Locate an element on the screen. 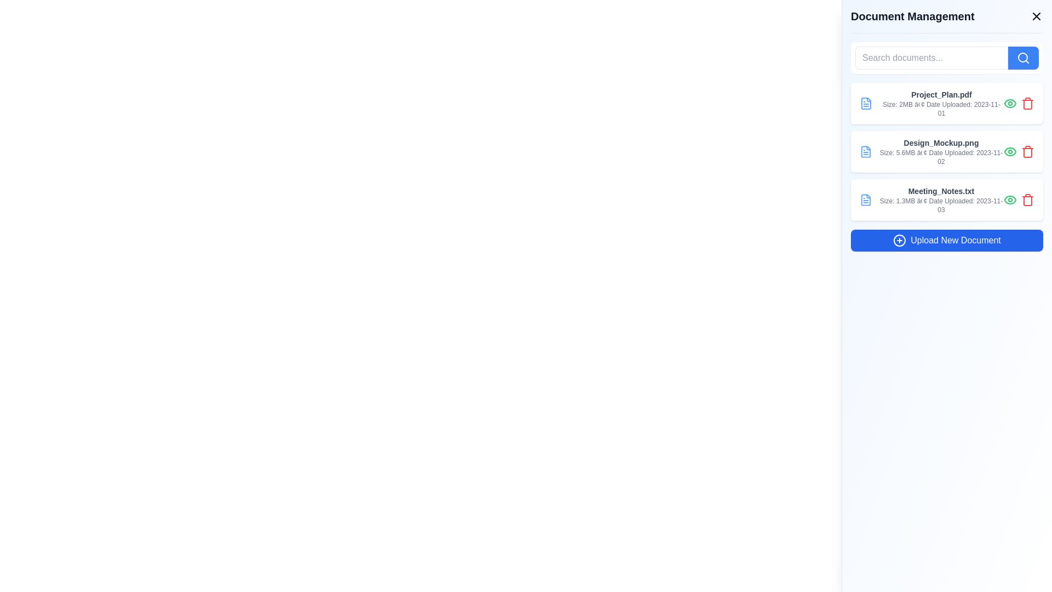  the circular icon with a plus symbol inside the 'Upload New Document' button, which indicates an add or new action is located at coordinates (900, 240).